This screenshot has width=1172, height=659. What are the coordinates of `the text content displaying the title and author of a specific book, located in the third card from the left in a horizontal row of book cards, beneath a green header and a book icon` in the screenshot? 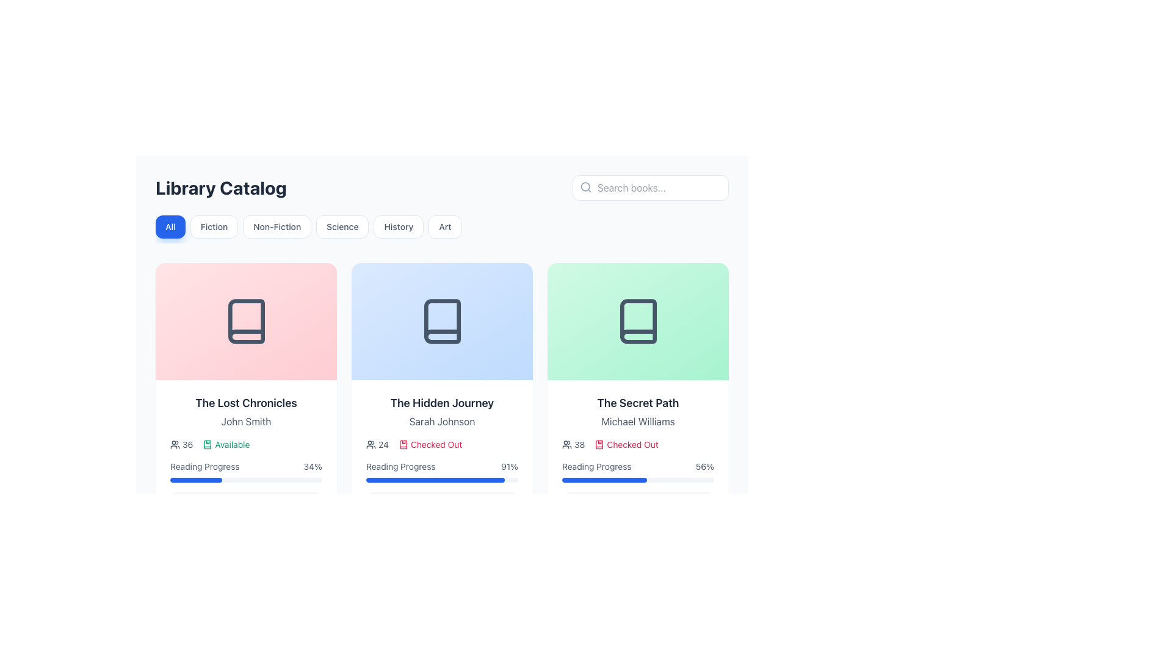 It's located at (637, 412).